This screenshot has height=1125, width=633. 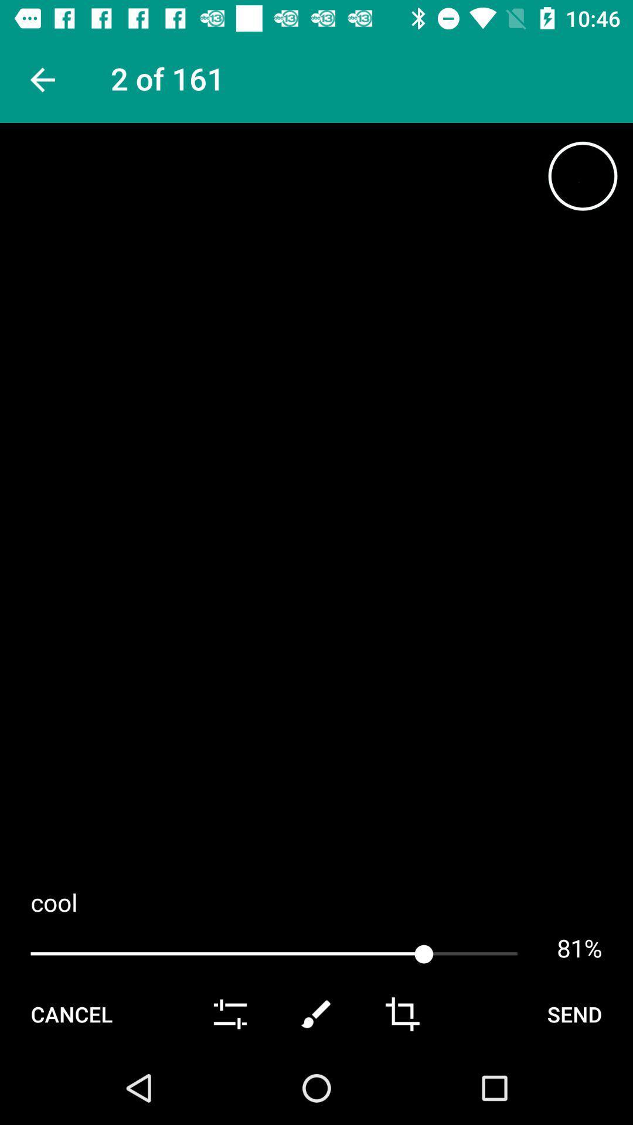 What do you see at coordinates (230, 1014) in the screenshot?
I see `volume control` at bounding box center [230, 1014].